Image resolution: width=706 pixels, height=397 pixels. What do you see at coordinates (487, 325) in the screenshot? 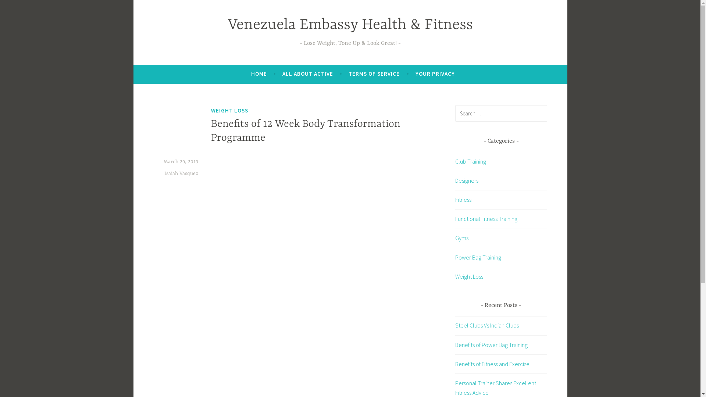
I see `'Steel Clubs Vs Indian Clubs'` at bounding box center [487, 325].